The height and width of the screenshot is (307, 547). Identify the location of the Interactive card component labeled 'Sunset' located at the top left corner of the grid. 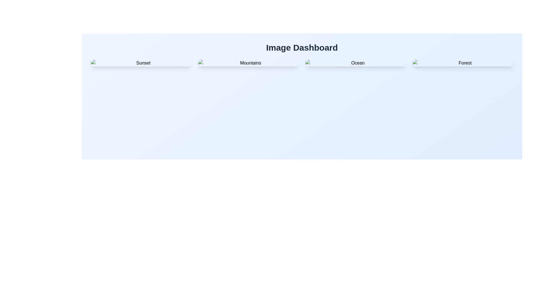
(141, 63).